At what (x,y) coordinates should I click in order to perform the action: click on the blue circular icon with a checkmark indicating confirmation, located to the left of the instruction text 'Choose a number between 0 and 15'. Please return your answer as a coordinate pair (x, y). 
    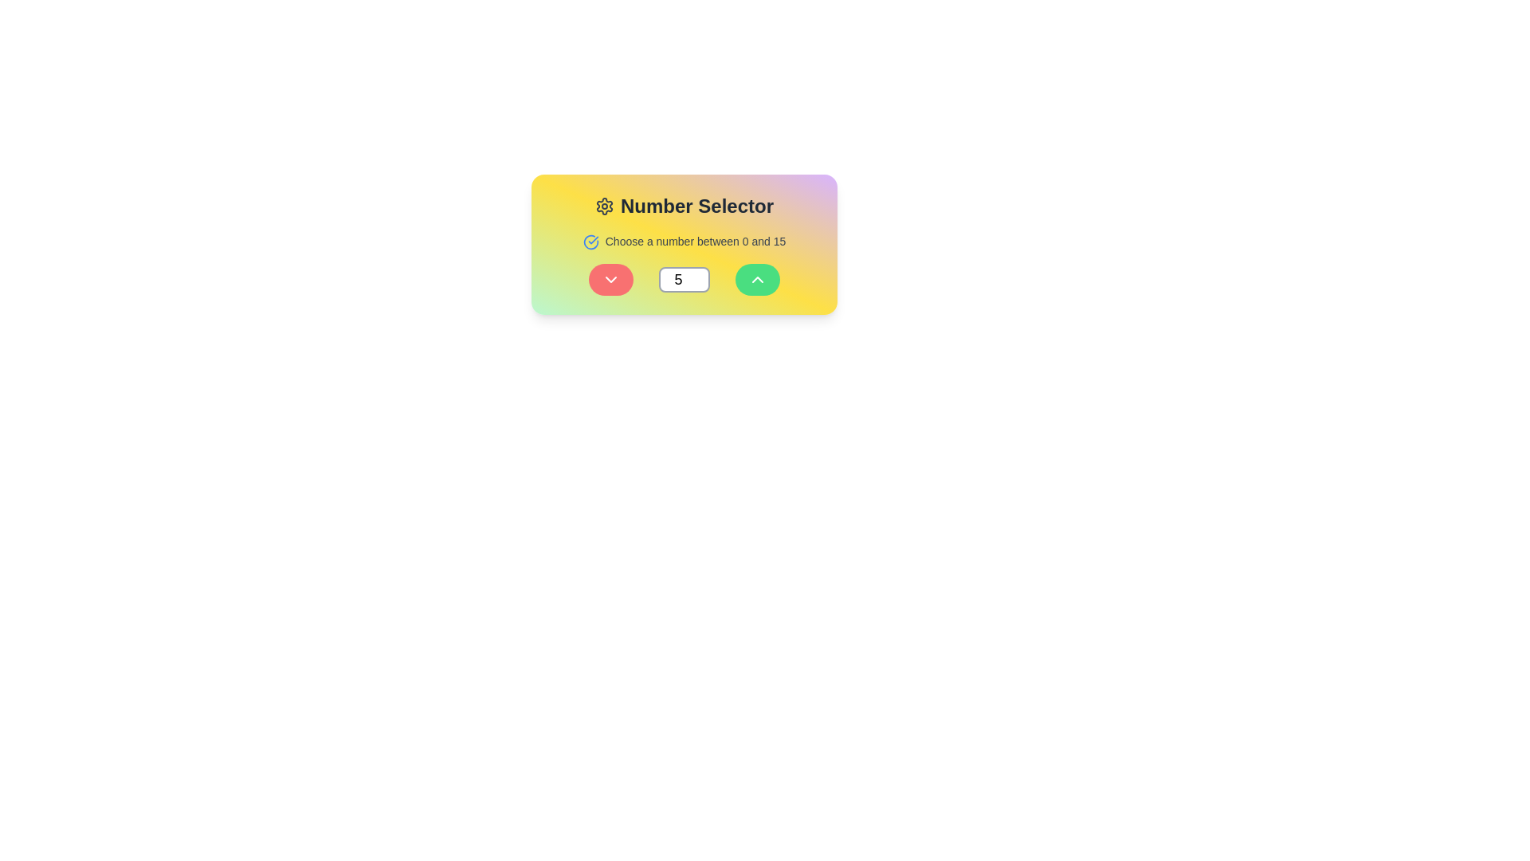
    Looking at the image, I should click on (590, 242).